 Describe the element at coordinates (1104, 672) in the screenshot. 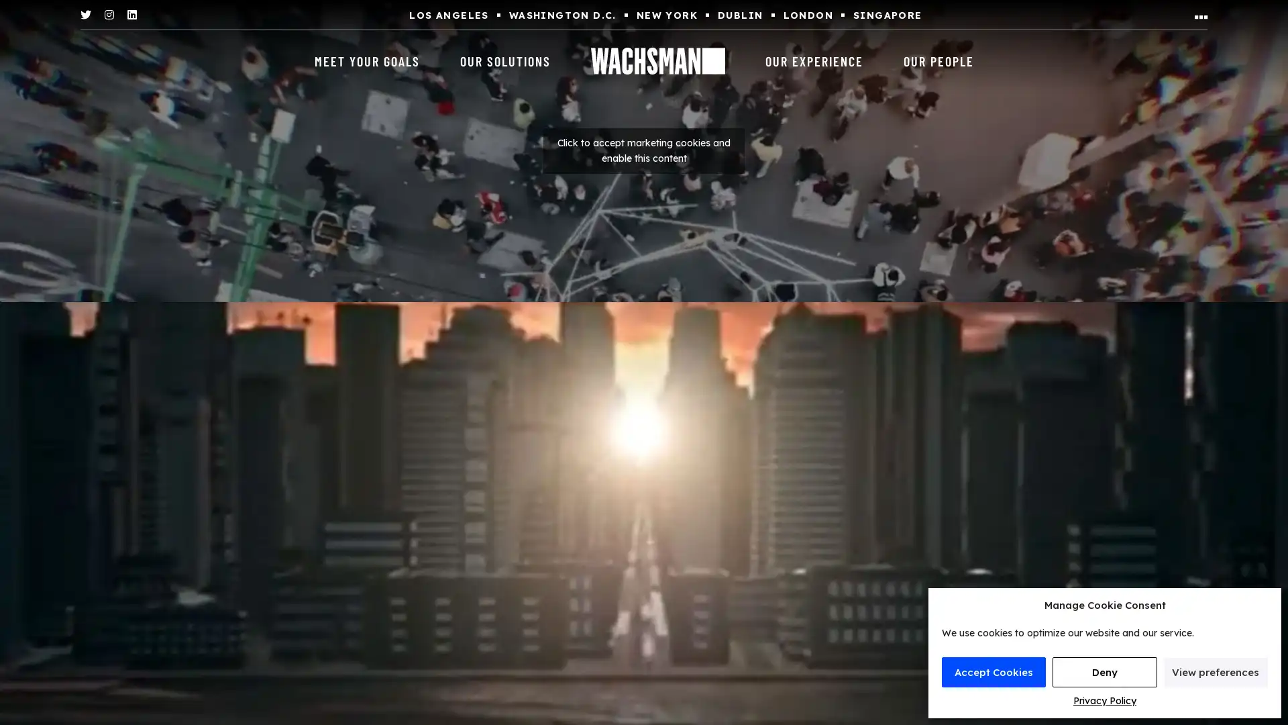

I see `Deny` at that location.